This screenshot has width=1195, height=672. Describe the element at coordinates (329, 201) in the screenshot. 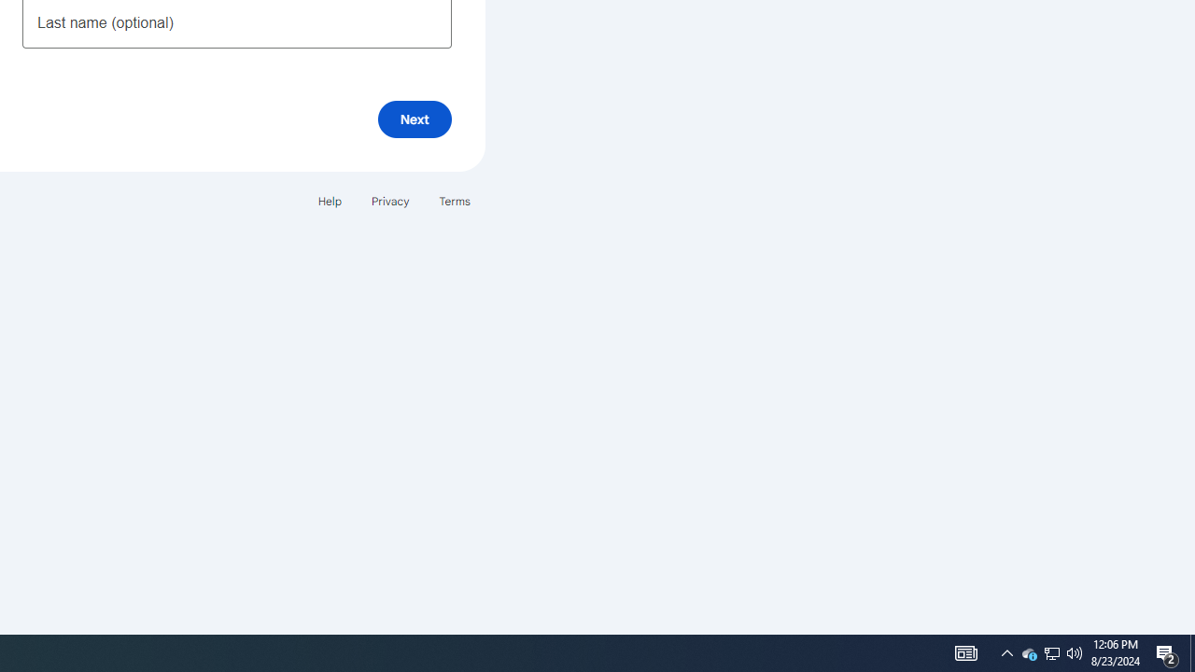

I see `'Help'` at that location.